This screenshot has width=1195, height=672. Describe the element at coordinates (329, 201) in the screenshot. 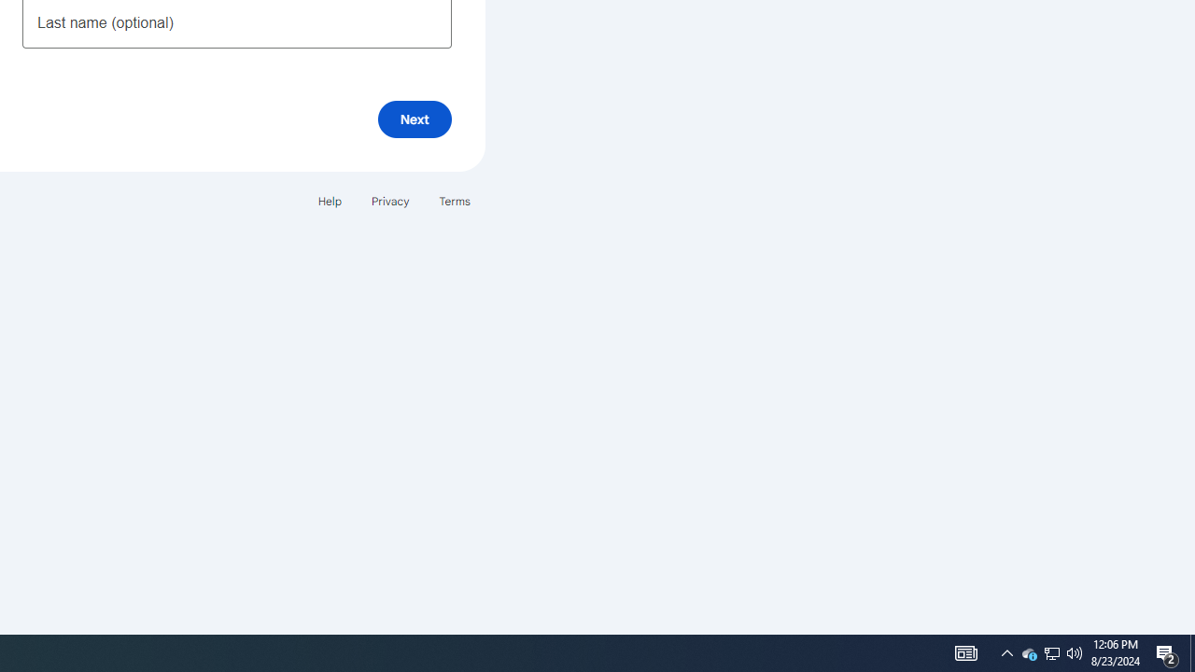

I see `'Help'` at that location.